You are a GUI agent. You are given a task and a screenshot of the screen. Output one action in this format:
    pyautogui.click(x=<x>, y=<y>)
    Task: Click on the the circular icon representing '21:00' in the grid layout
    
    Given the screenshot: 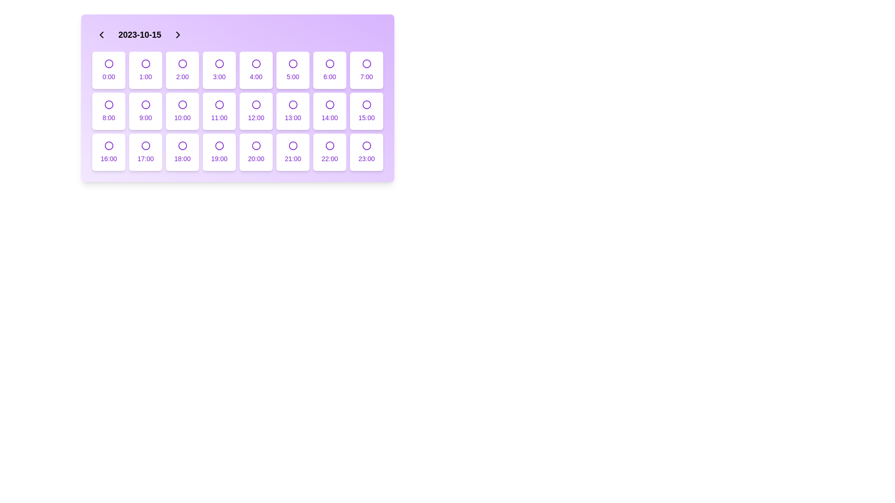 What is the action you would take?
    pyautogui.click(x=292, y=145)
    